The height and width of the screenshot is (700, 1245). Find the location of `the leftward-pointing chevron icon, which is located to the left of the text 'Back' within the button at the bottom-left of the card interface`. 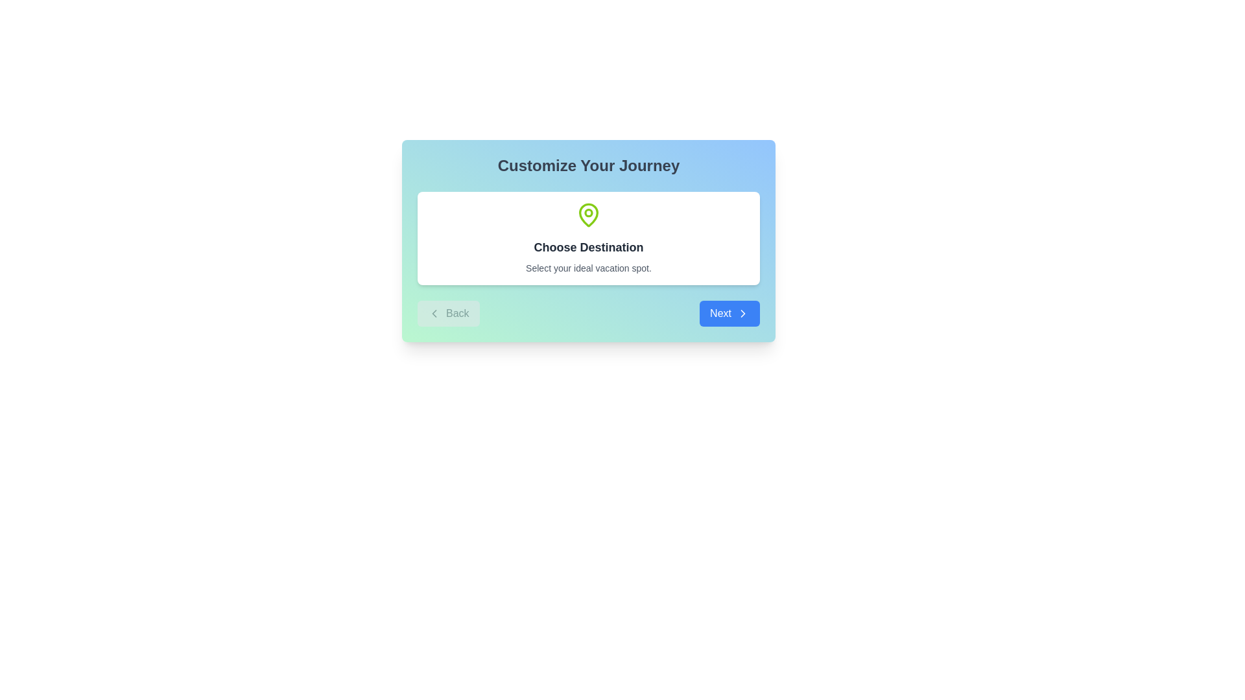

the leftward-pointing chevron icon, which is located to the left of the text 'Back' within the button at the bottom-left of the card interface is located at coordinates (434, 313).